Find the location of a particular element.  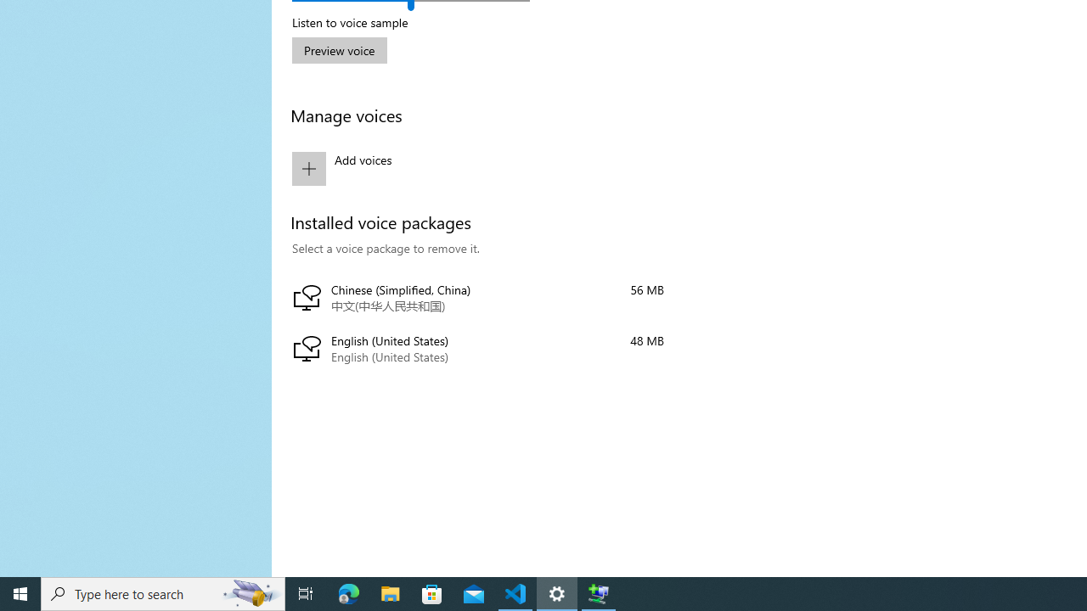

'Preview voice' is located at coordinates (340, 49).